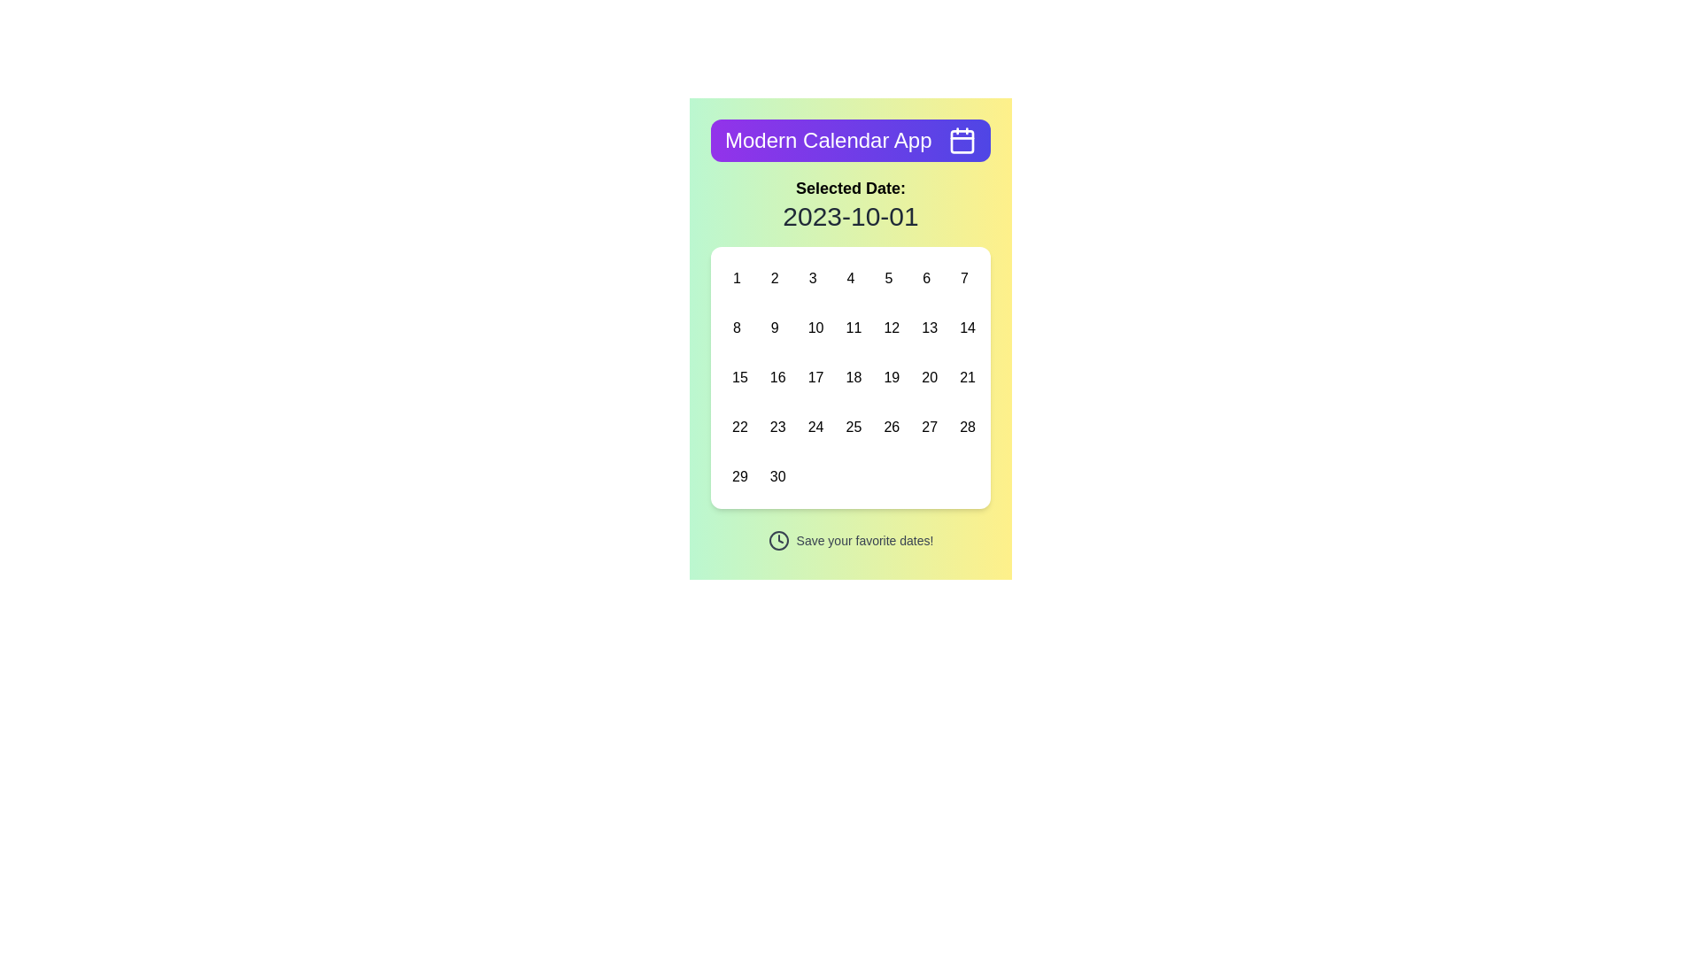  Describe the element at coordinates (850, 188) in the screenshot. I see `the bold text label displaying 'Selected Date:' which is centrally positioned above the date '2023-10-01'` at that location.